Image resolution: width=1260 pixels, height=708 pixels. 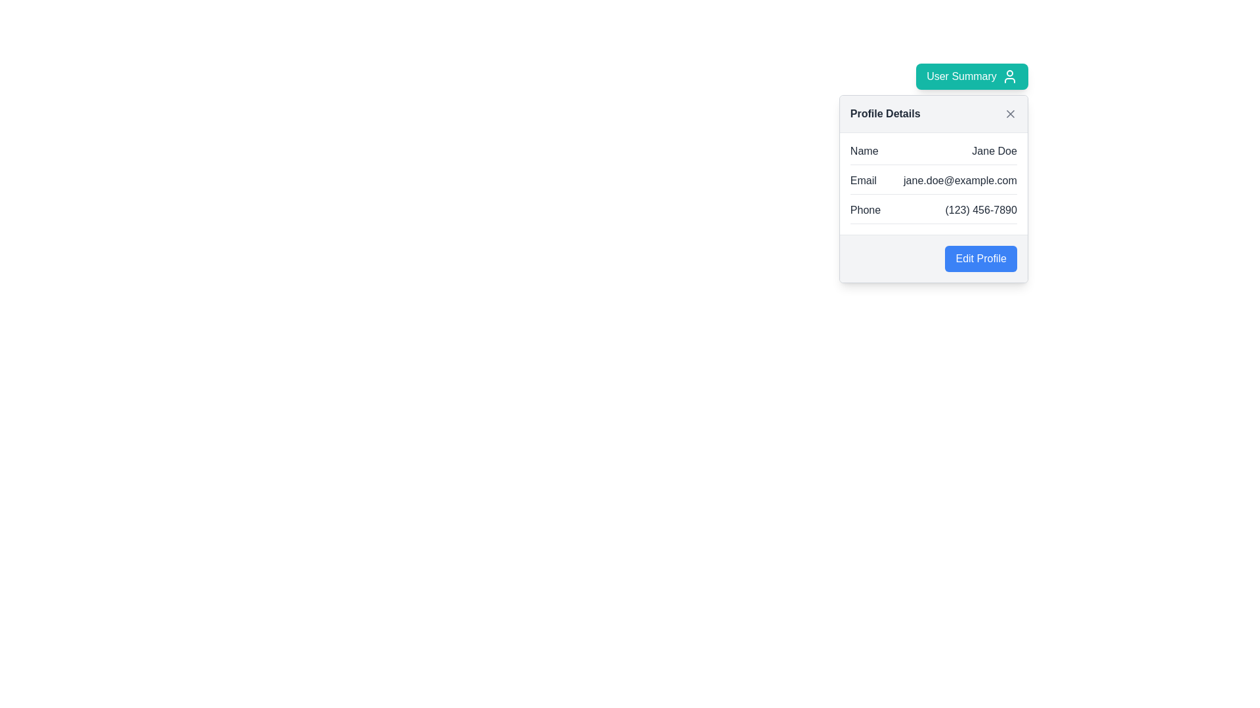 I want to click on email address displayed in the Text Display Component located under the 'Profile Details' section, positioned below 'Jane Doe' and above '(123) 456-7890', so click(x=933, y=184).